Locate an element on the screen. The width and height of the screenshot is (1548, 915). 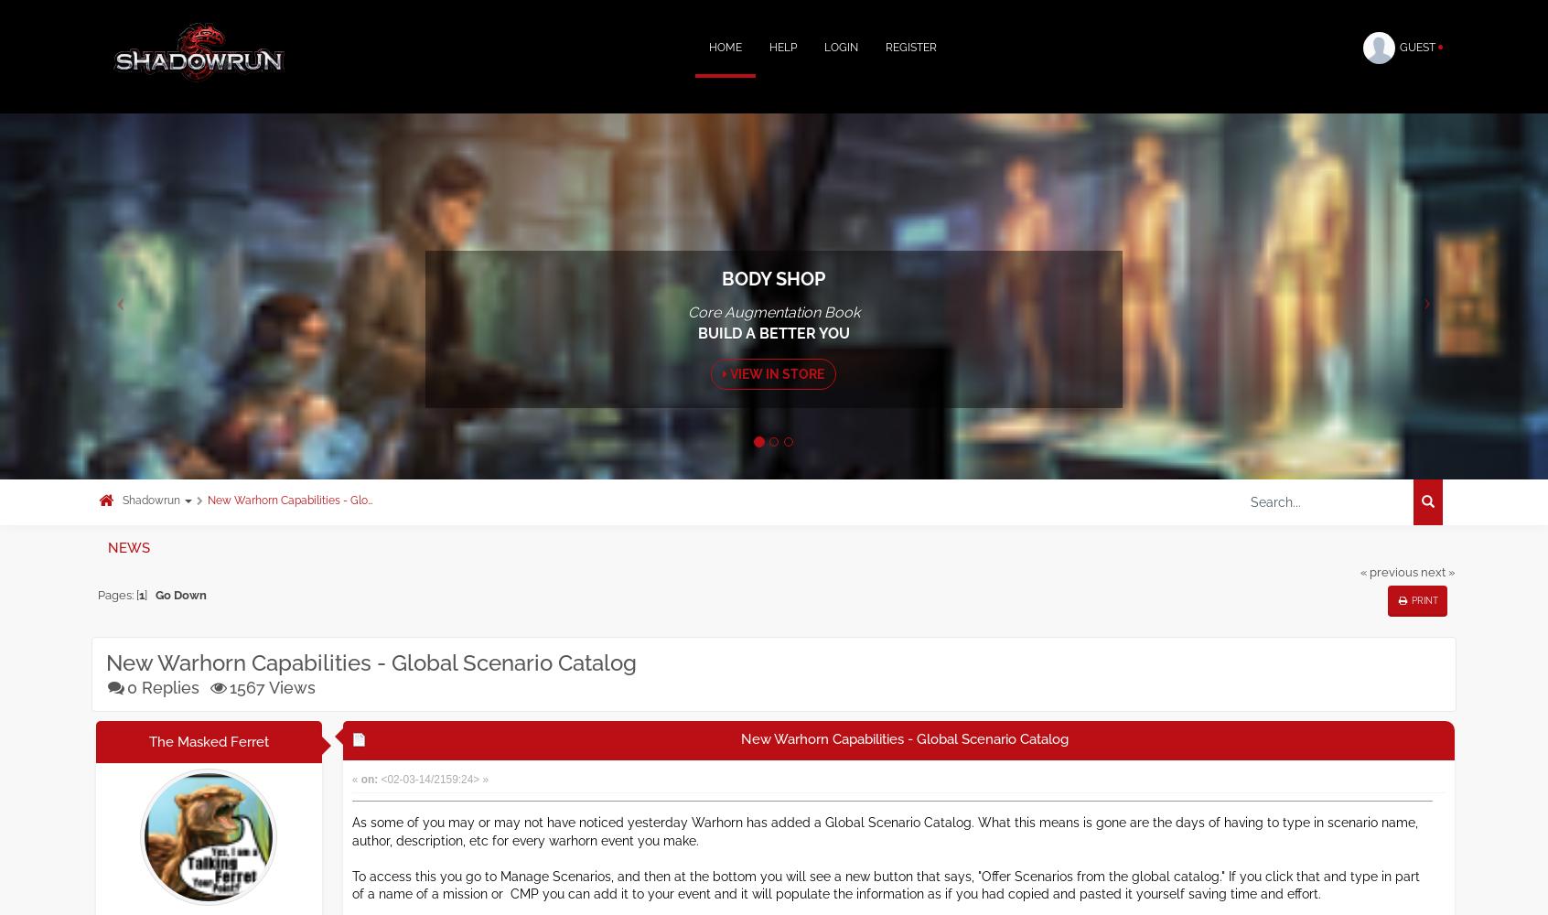
'Guest' is located at coordinates (1419, 48).